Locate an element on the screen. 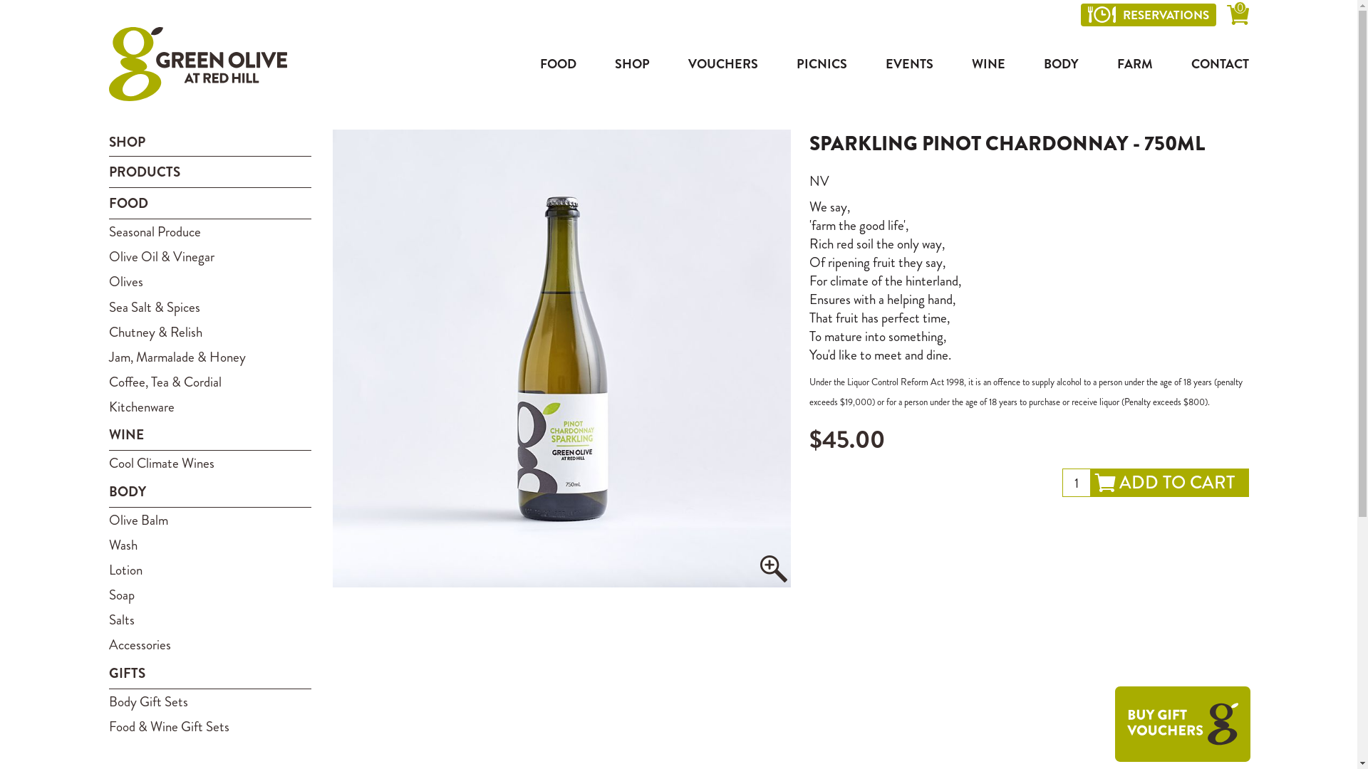 This screenshot has height=769, width=1368. 'Food & Wine Gift Sets' is located at coordinates (209, 726).